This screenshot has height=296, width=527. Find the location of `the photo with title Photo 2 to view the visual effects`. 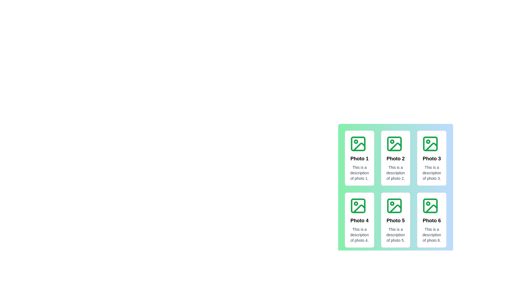

the photo with title Photo 2 to view the visual effects is located at coordinates (396, 158).